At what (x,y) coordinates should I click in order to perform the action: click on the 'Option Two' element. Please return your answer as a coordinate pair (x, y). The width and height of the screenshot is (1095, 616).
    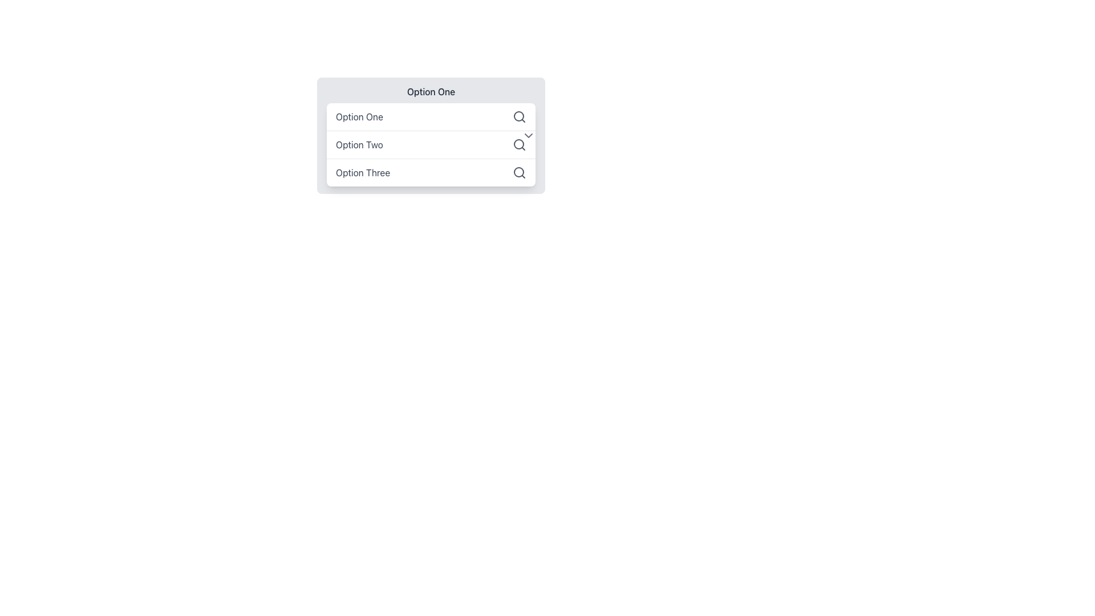
    Looking at the image, I should click on (430, 135).